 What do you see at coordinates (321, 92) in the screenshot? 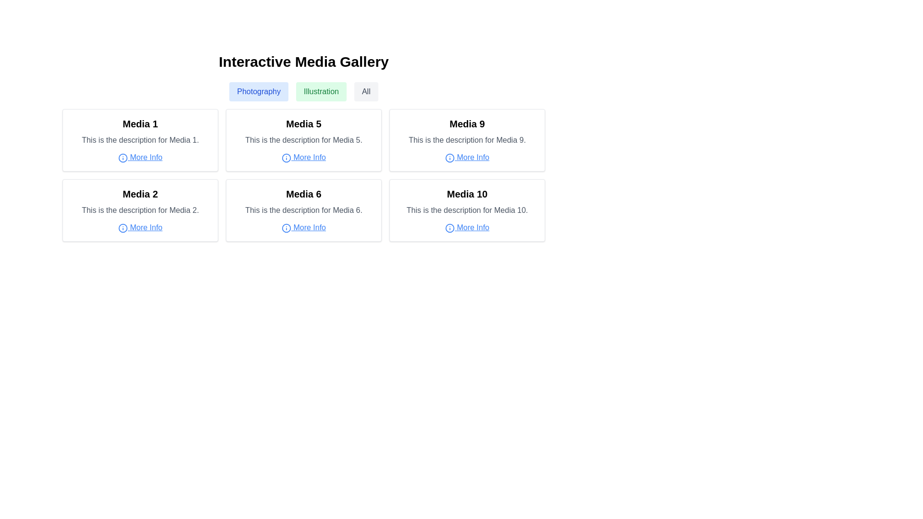
I see `the middle button labeled 'Illustration' with a light green background` at bounding box center [321, 92].